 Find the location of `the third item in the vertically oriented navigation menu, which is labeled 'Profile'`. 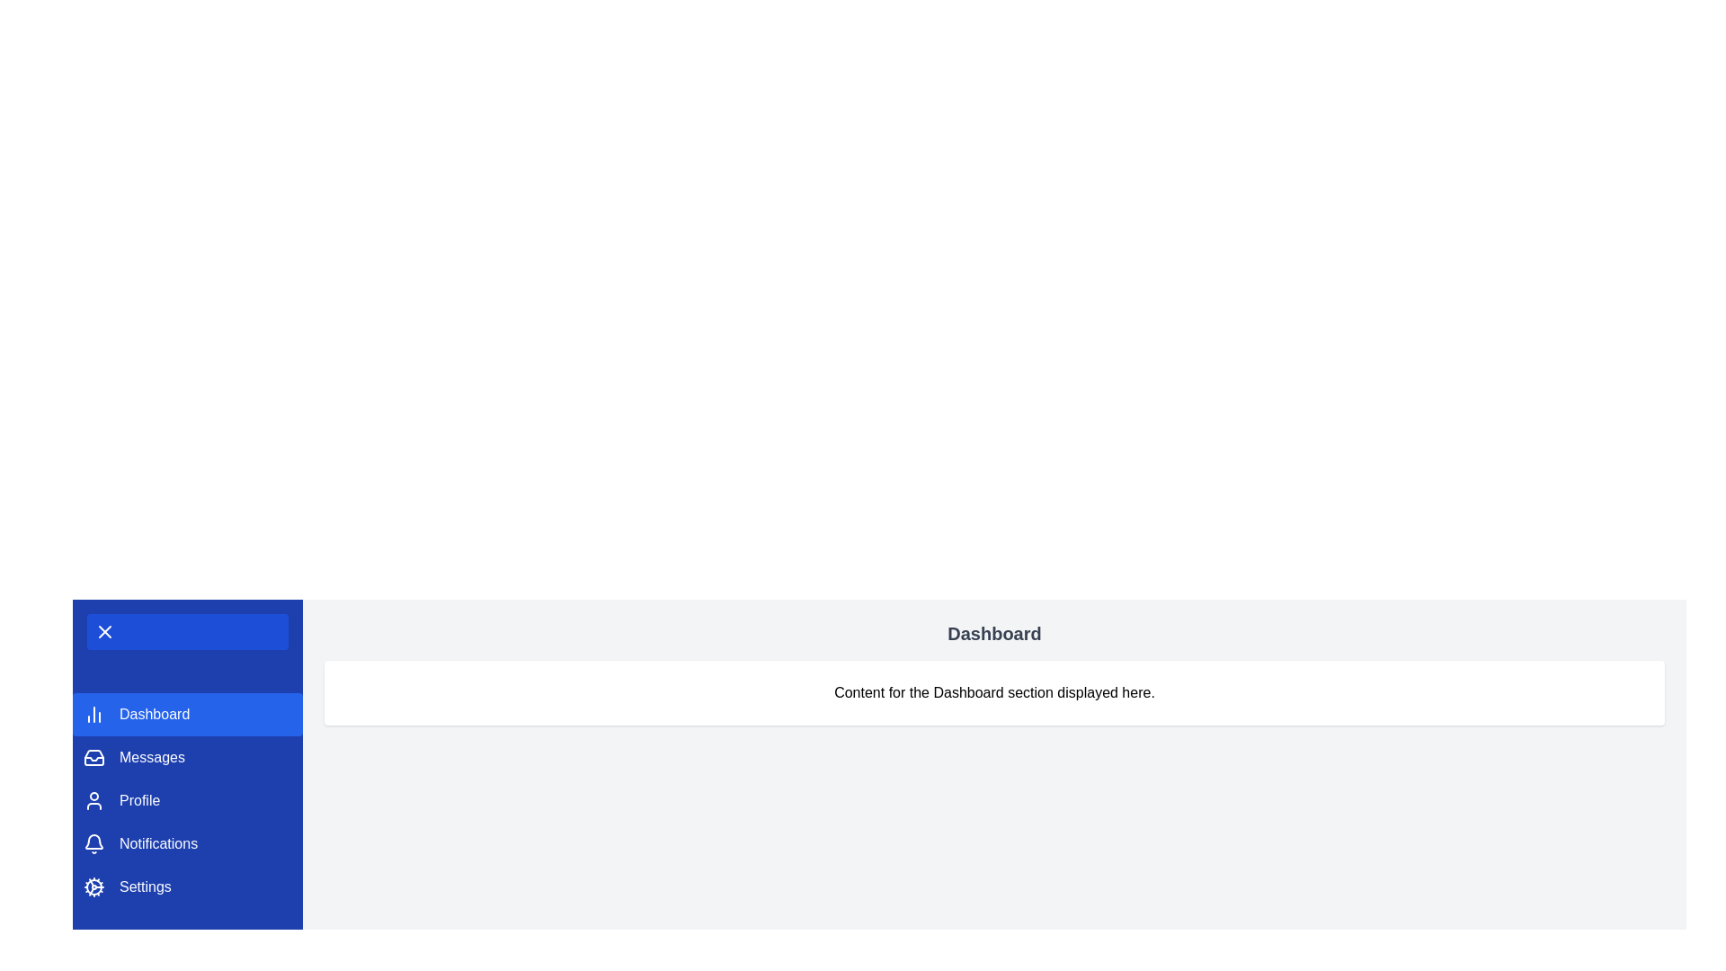

the third item in the vertically oriented navigation menu, which is labeled 'Profile' is located at coordinates (188, 800).